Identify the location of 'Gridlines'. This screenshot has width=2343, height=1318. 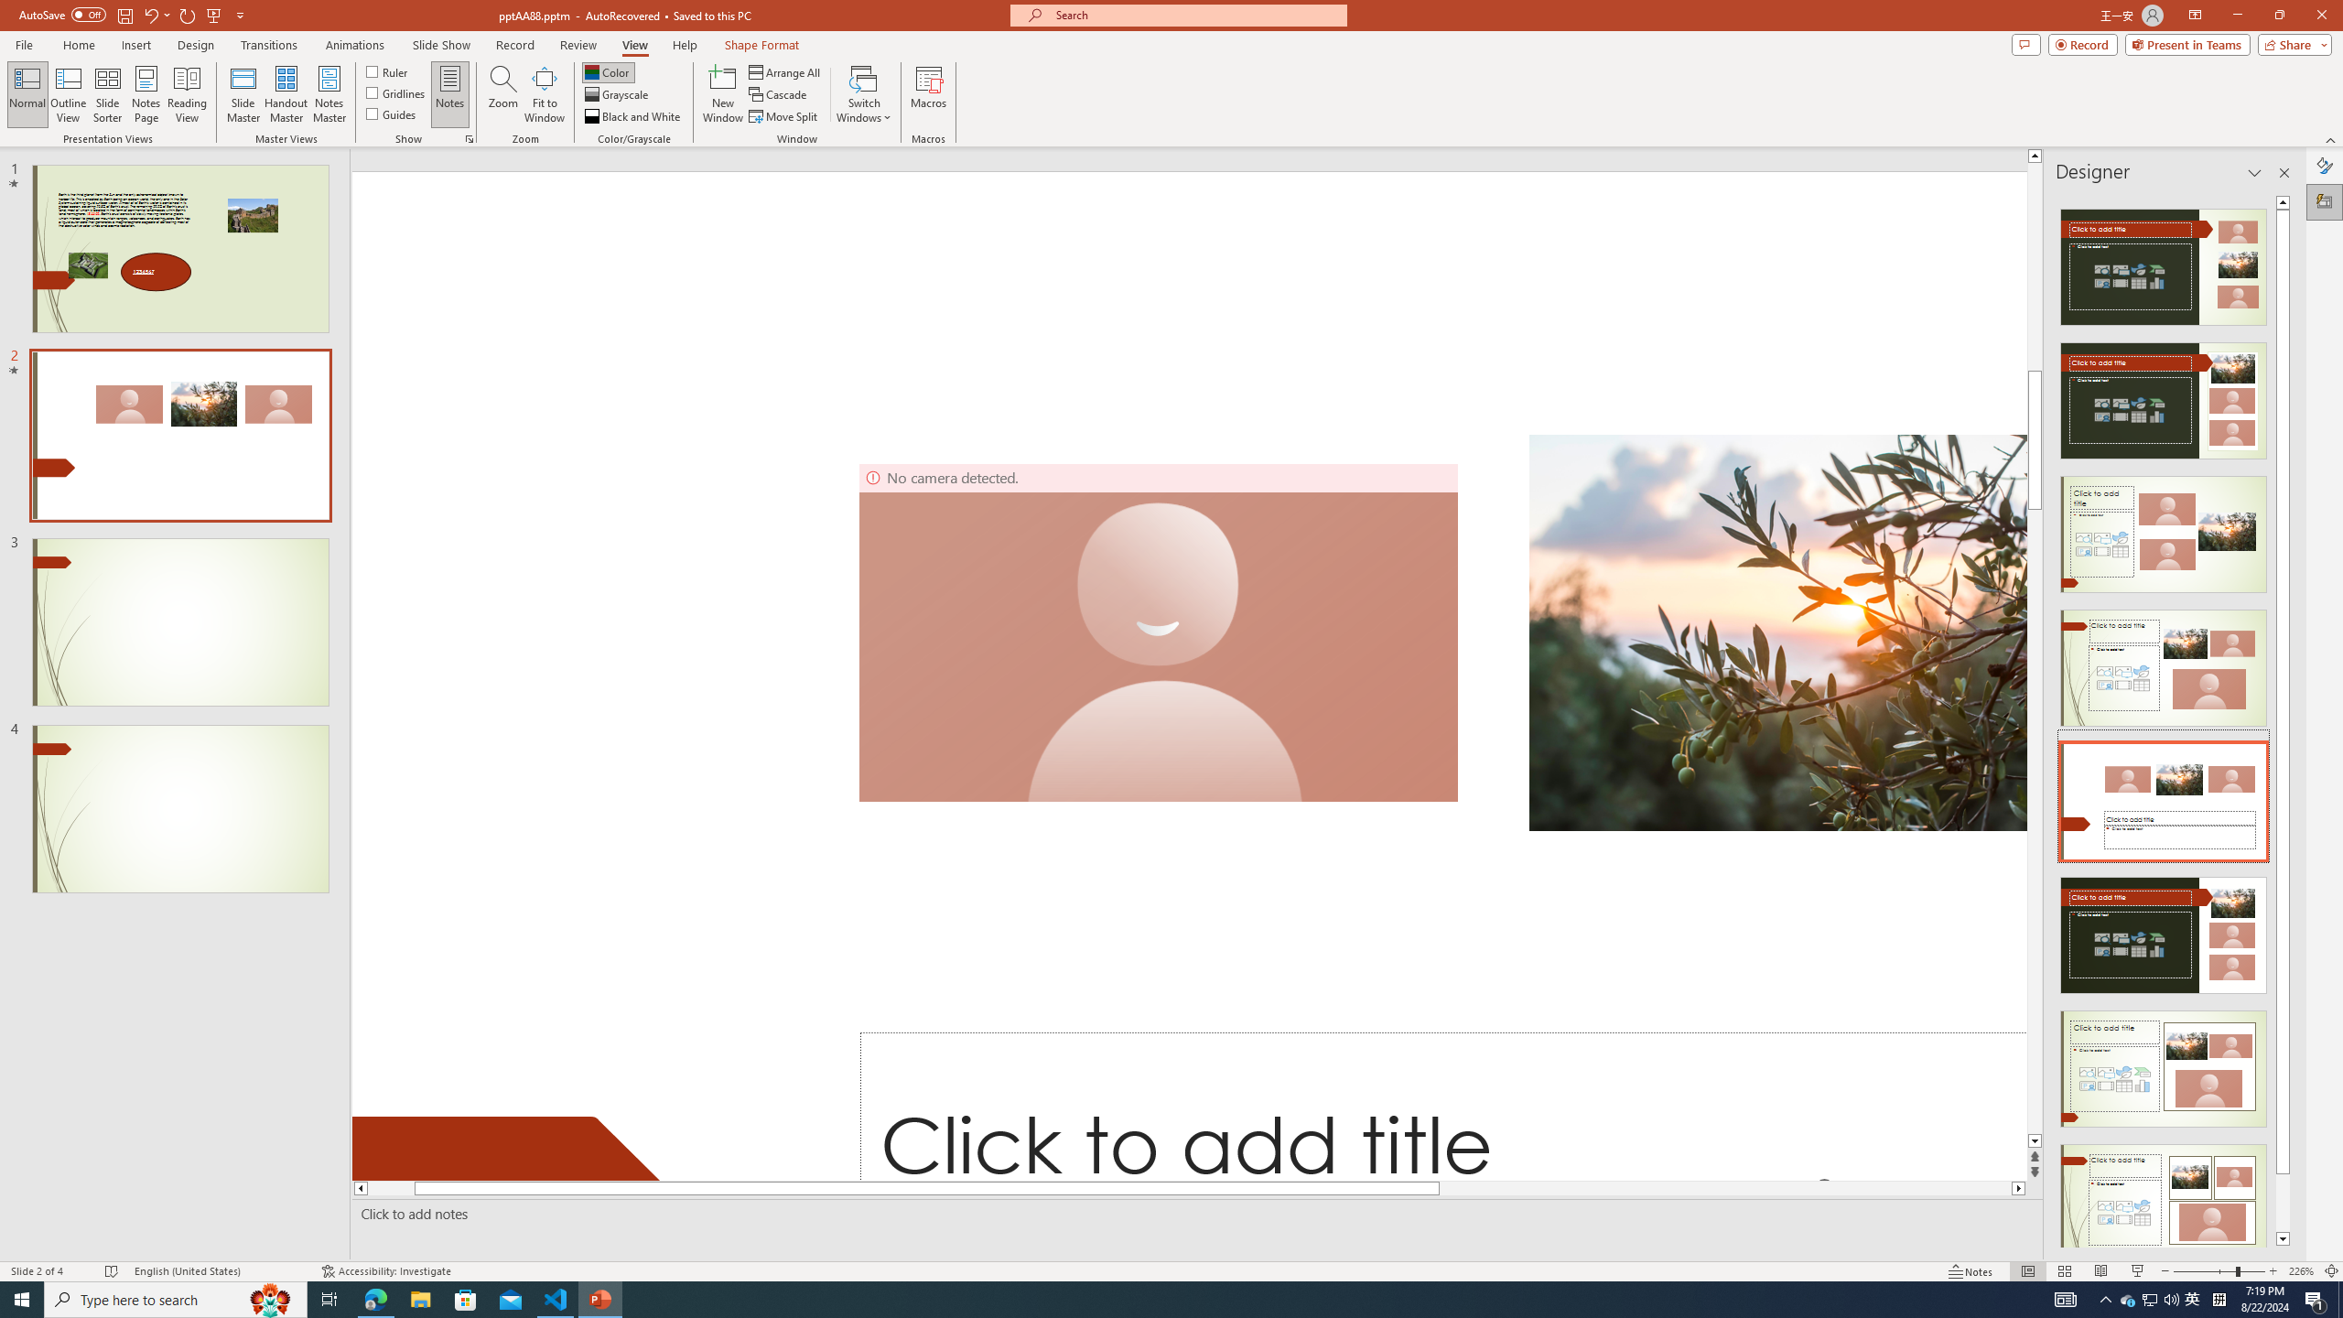
(395, 91).